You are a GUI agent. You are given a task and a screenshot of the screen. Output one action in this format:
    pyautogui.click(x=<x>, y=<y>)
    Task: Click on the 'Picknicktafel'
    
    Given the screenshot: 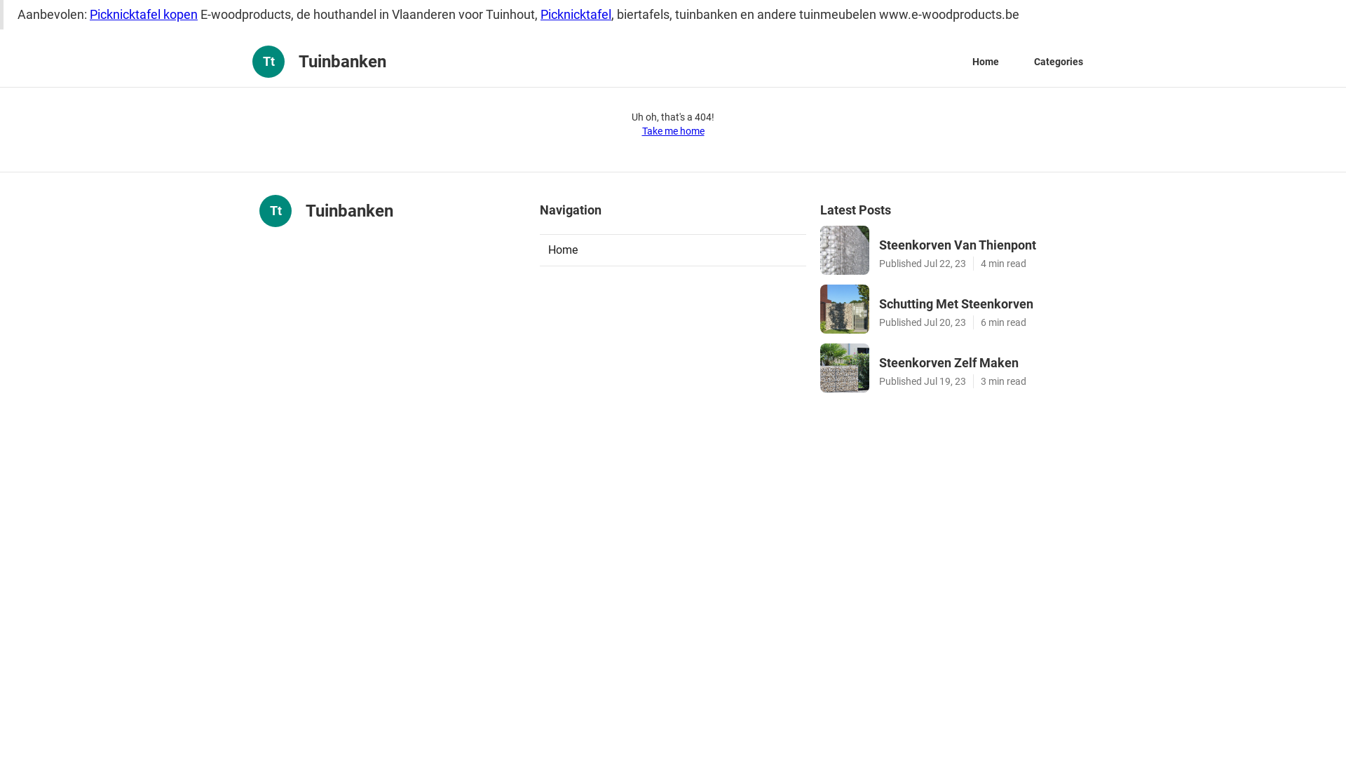 What is the action you would take?
    pyautogui.click(x=576, y=14)
    